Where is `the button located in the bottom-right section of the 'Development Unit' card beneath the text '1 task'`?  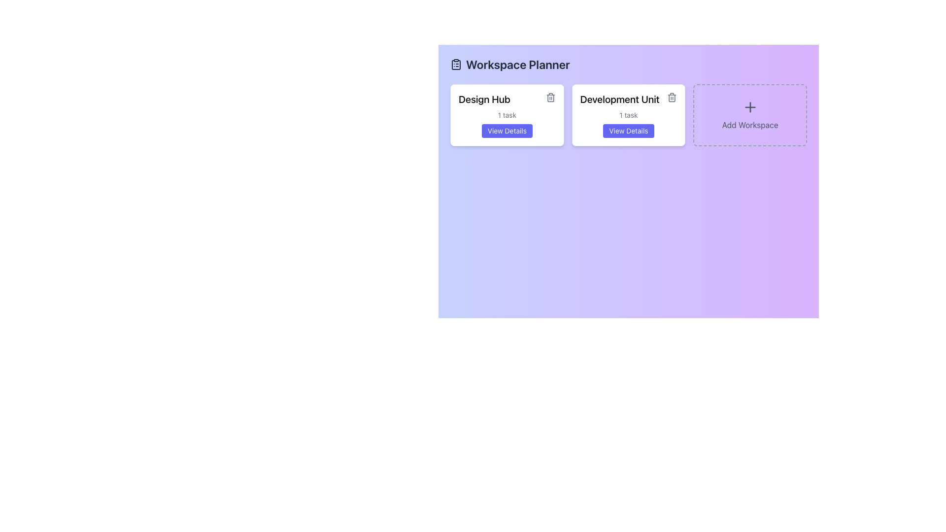
the button located in the bottom-right section of the 'Development Unit' card beneath the text '1 task' is located at coordinates (628, 131).